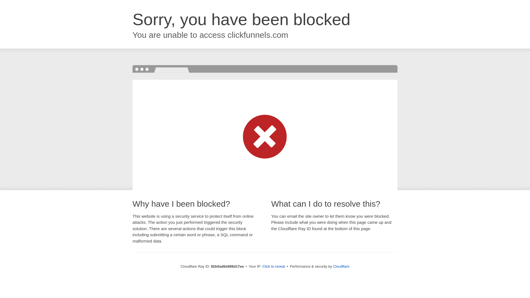 This screenshot has height=298, width=530. I want to click on 'Cloudflare', so click(332, 266).